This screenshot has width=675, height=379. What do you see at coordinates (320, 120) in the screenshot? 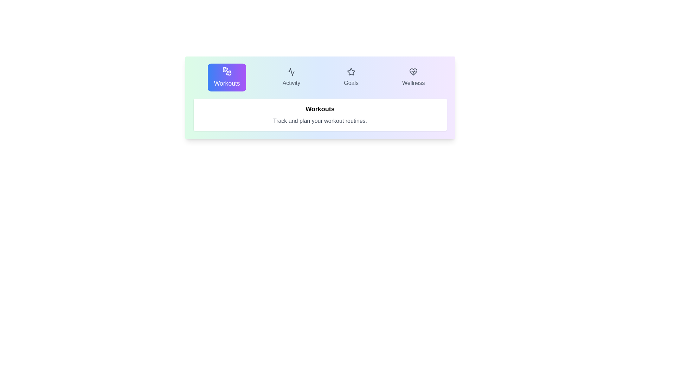
I see `the text display element providing additional context for the 'Workouts' section, which is positioned under the 'Workouts' heading text` at bounding box center [320, 120].